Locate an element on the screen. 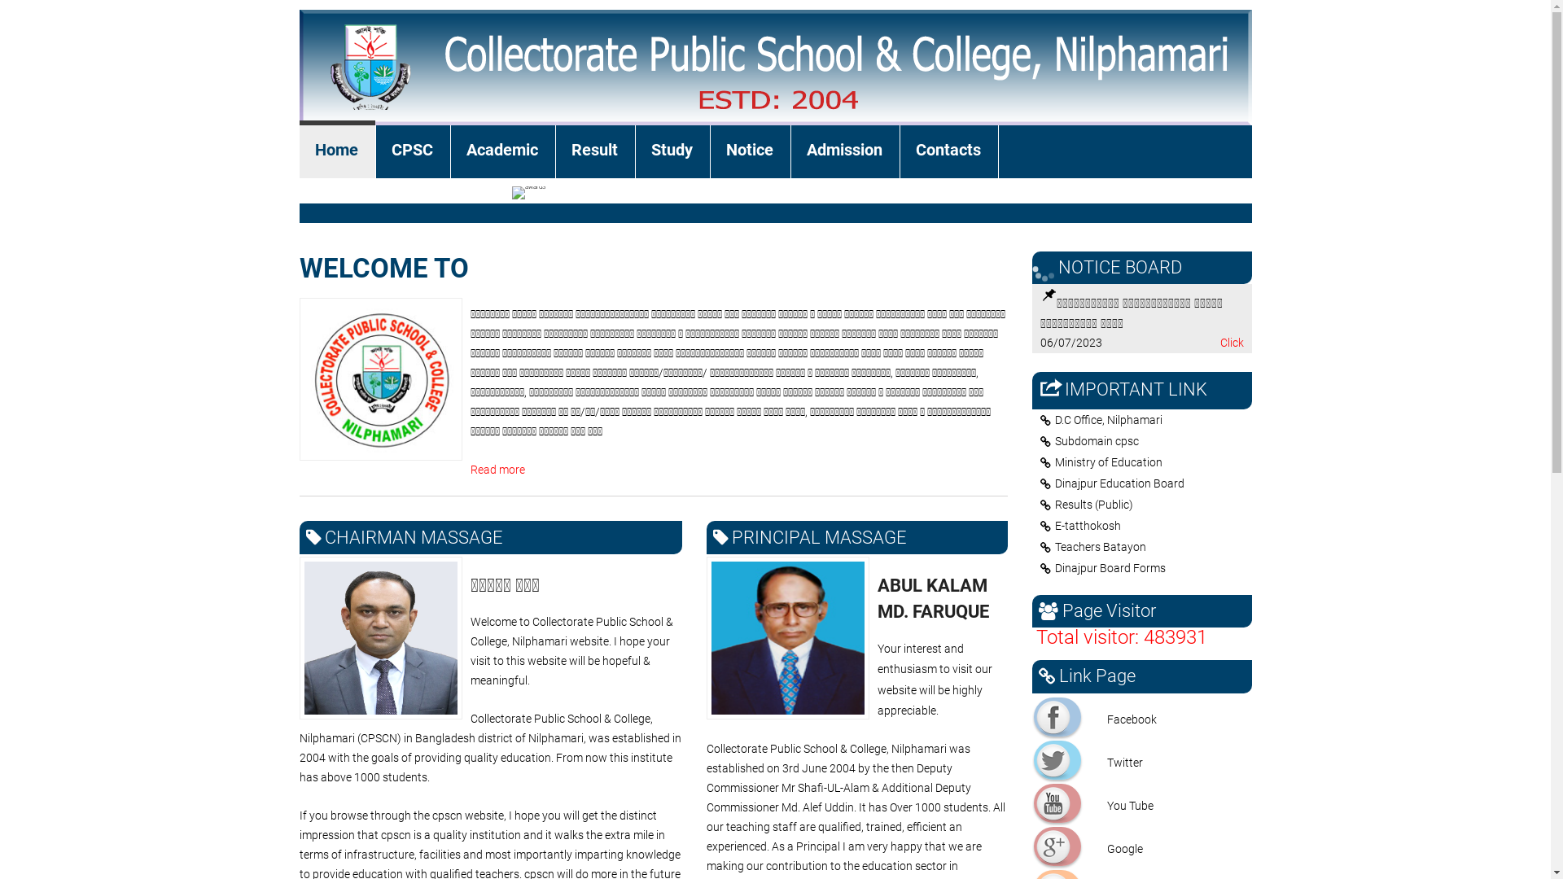 Image resolution: width=1563 pixels, height=879 pixels. 'E-tatthokosh' is located at coordinates (1145, 525).